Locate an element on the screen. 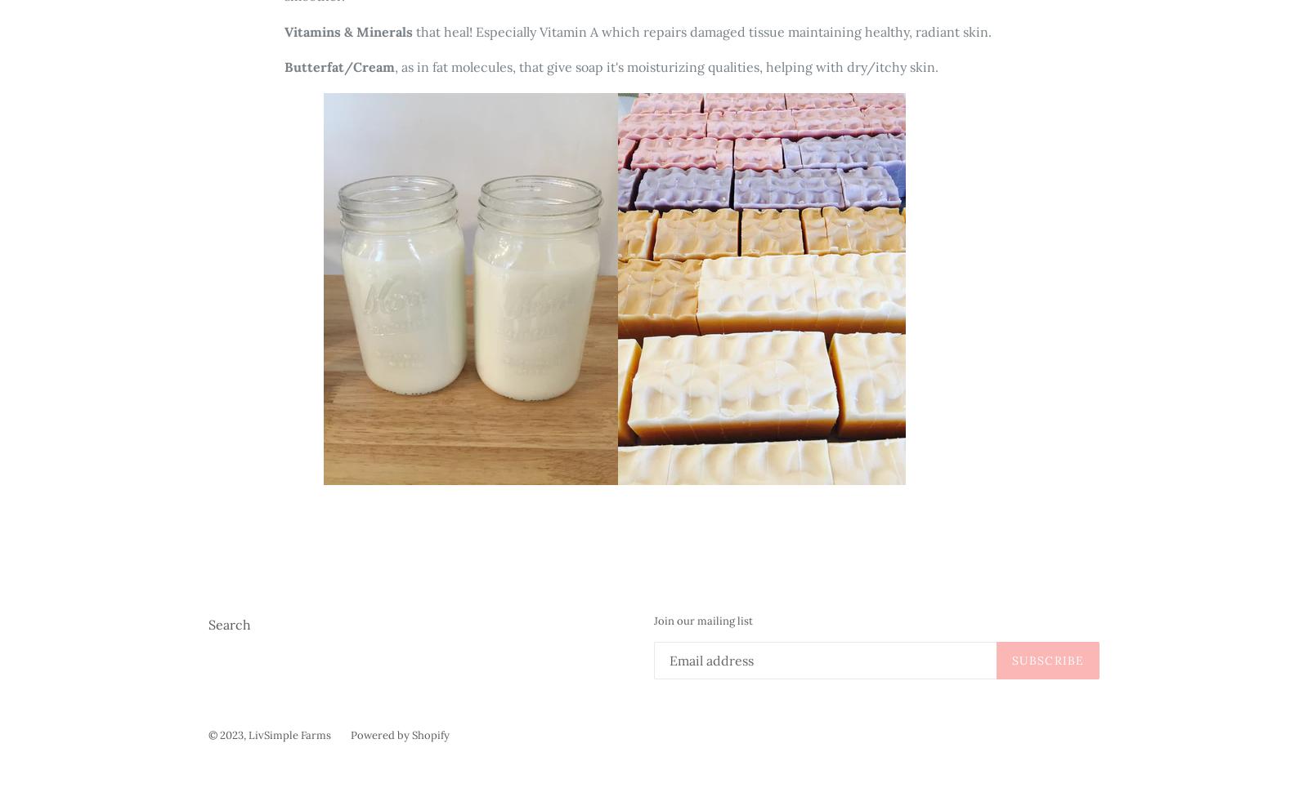  'Butterfat/Cream' is located at coordinates (338, 66).